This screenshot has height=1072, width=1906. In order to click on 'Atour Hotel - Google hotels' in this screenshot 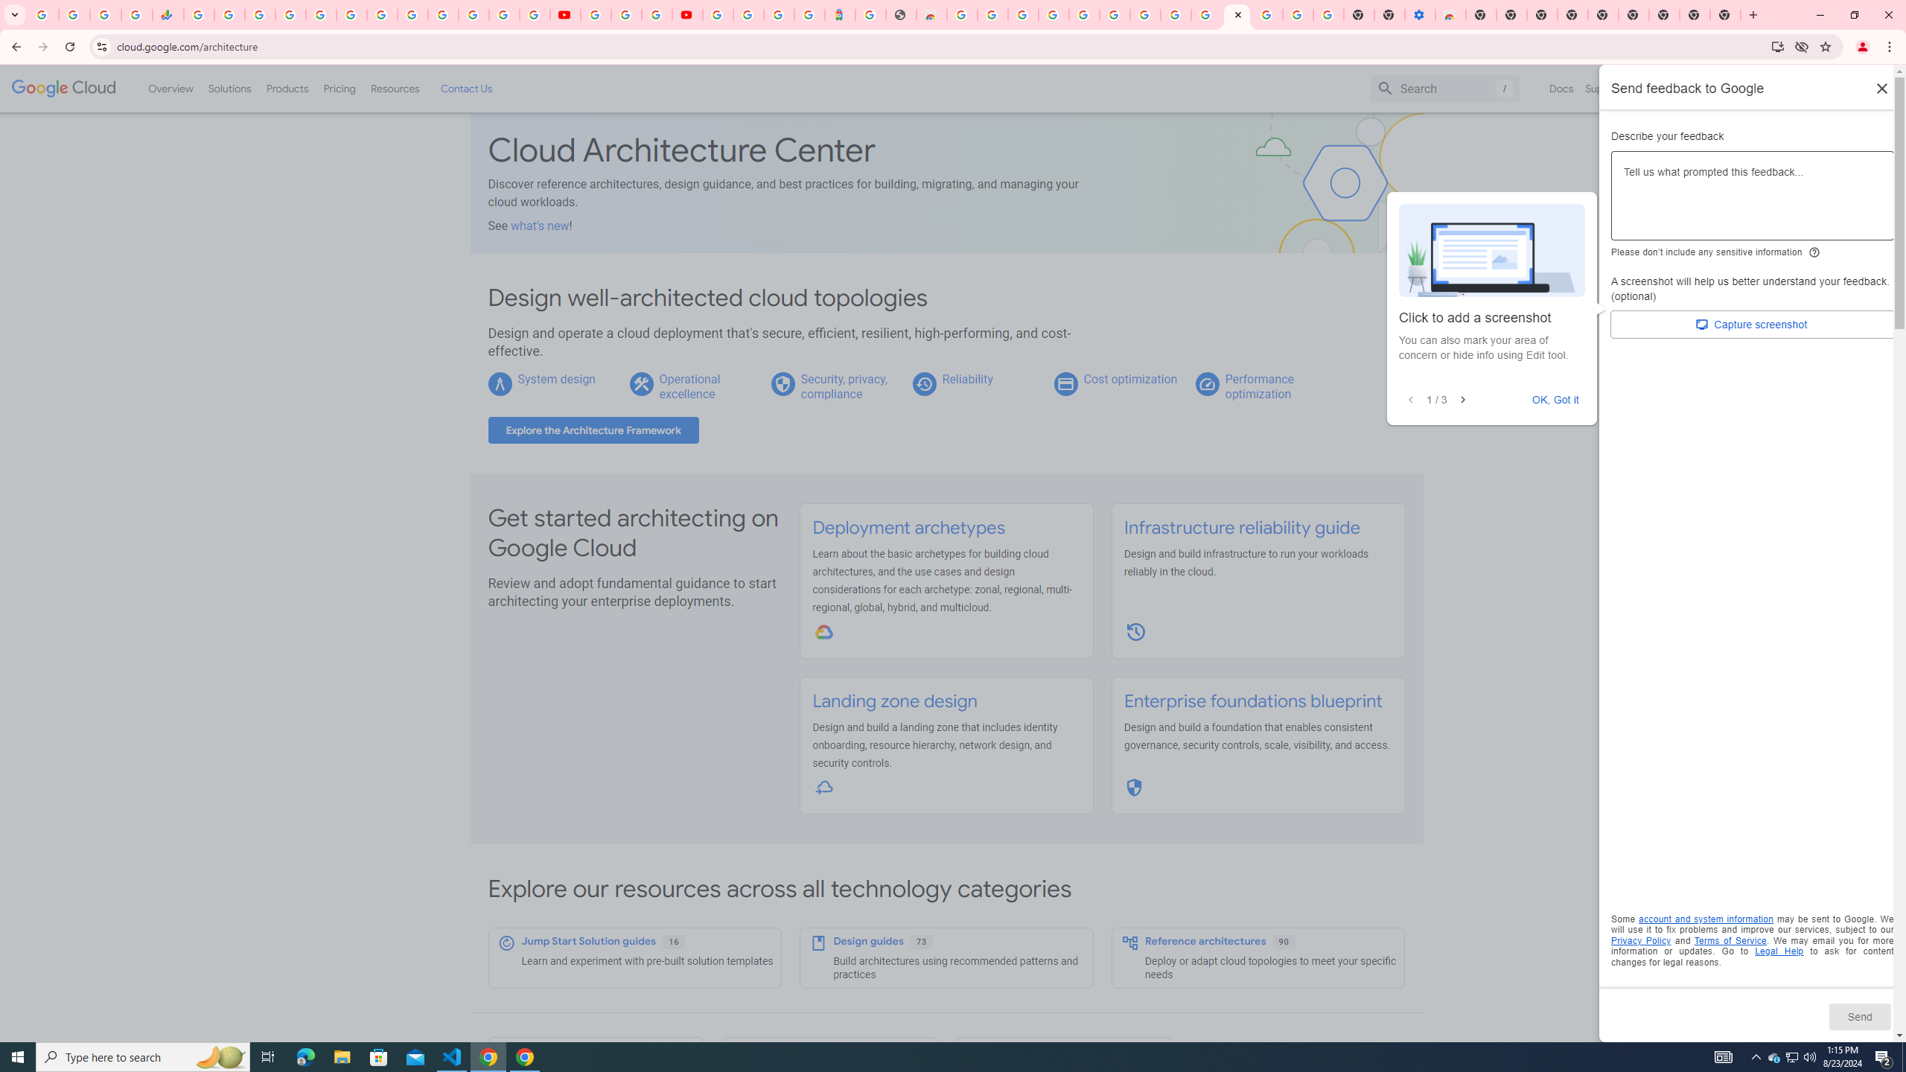, I will do `click(838, 14)`.